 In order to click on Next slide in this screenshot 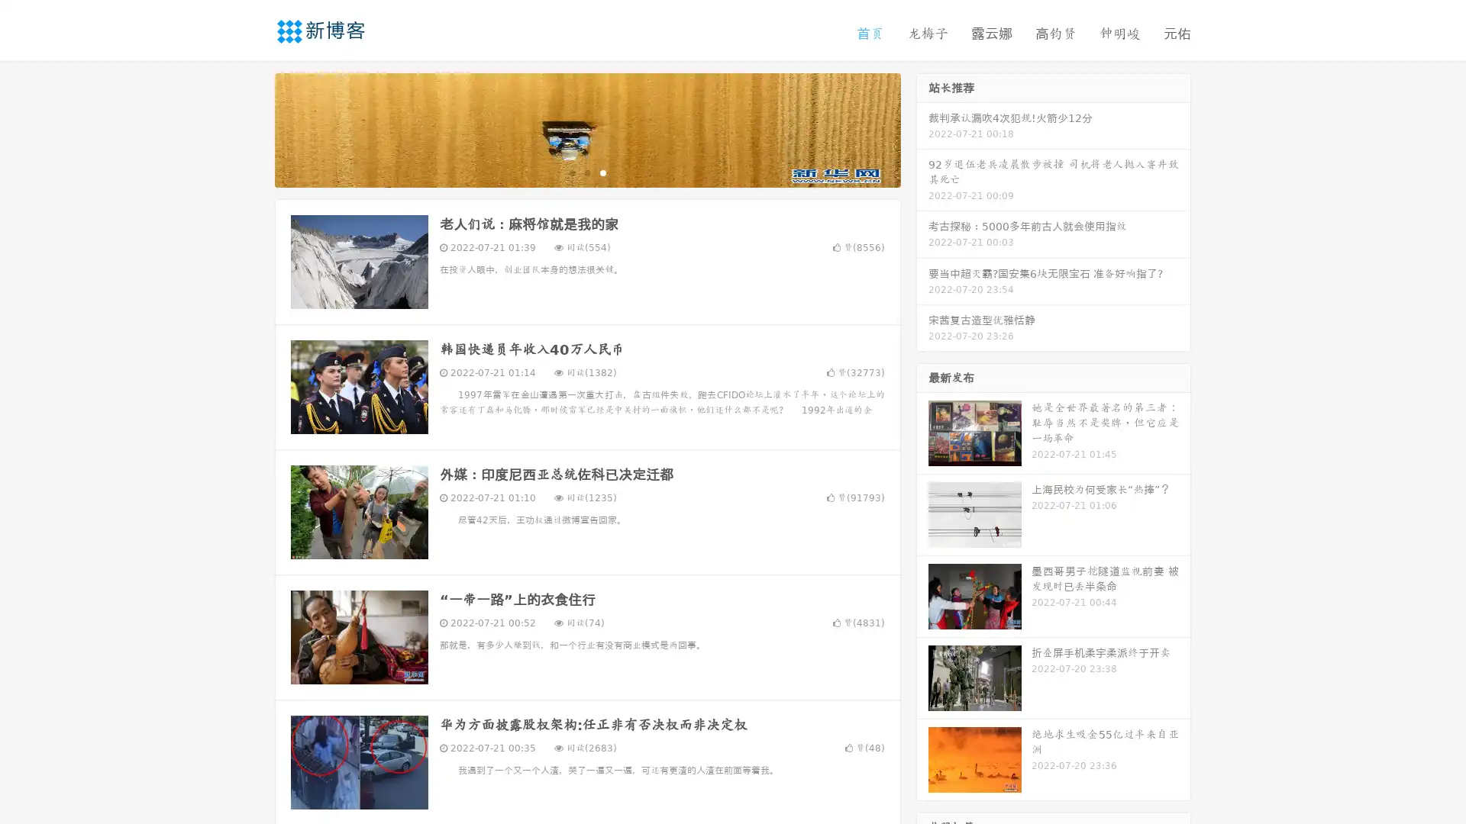, I will do `click(922, 128)`.